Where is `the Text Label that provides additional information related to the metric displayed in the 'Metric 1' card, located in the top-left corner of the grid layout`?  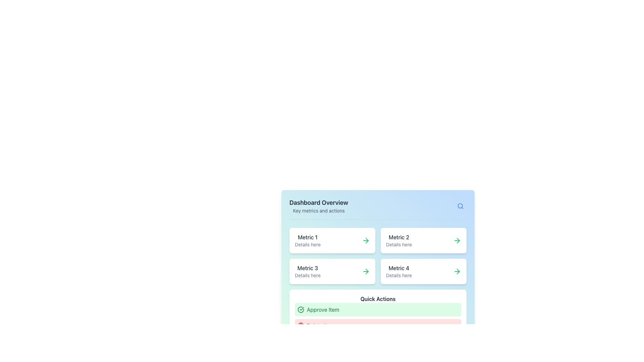
the Text Label that provides additional information related to the metric displayed in the 'Metric 1' card, located in the top-left corner of the grid layout is located at coordinates (307, 244).